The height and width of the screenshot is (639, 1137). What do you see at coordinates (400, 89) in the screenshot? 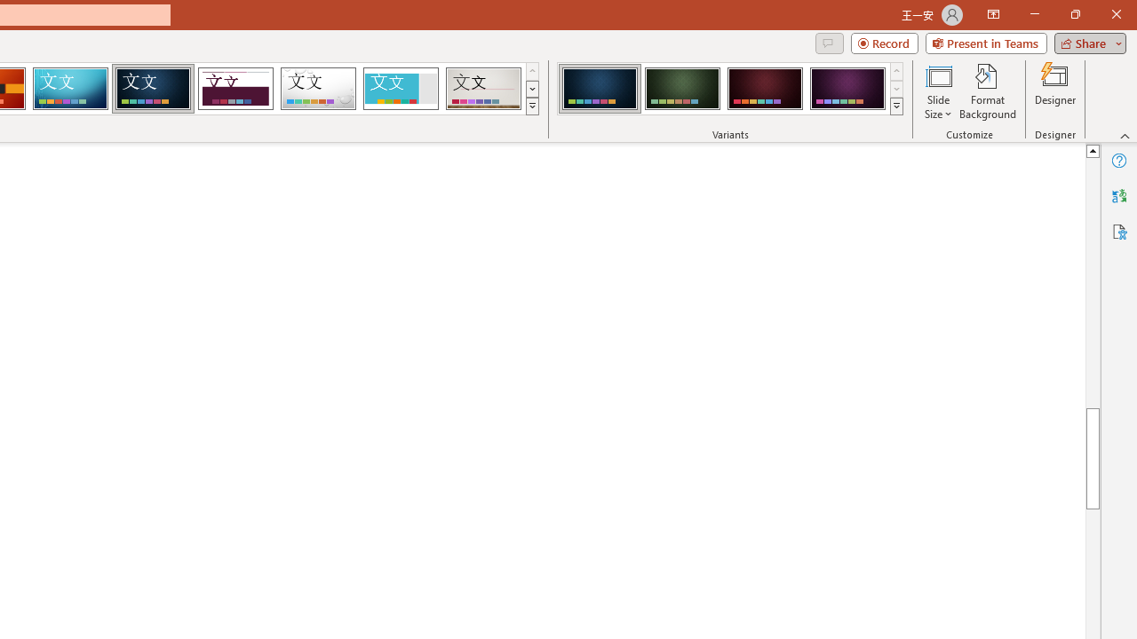
I see `'Frame'` at bounding box center [400, 89].